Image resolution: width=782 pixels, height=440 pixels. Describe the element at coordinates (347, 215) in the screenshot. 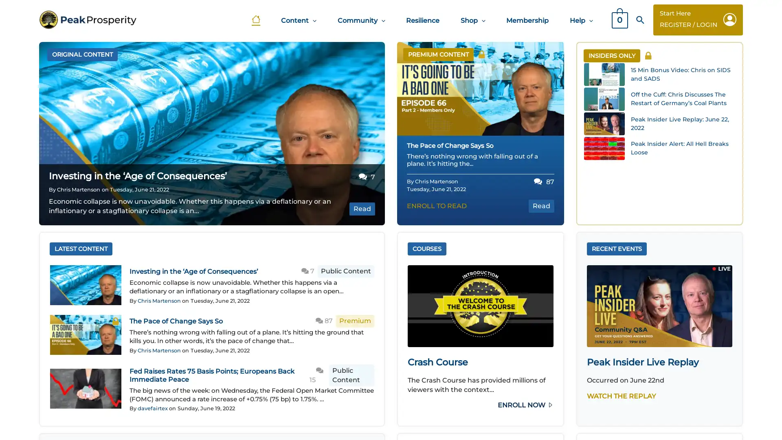

I see `Log In` at that location.